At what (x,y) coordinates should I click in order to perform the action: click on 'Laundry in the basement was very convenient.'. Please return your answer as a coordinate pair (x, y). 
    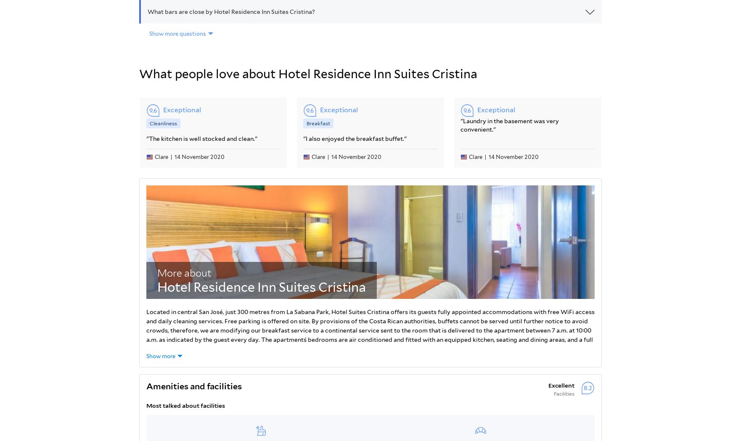
    Looking at the image, I should click on (509, 124).